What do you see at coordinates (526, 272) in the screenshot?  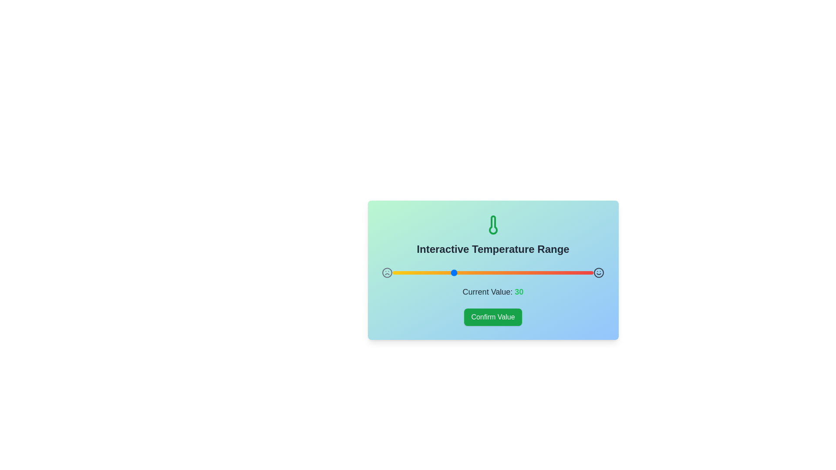 I see `the range slider to set the value to 67` at bounding box center [526, 272].